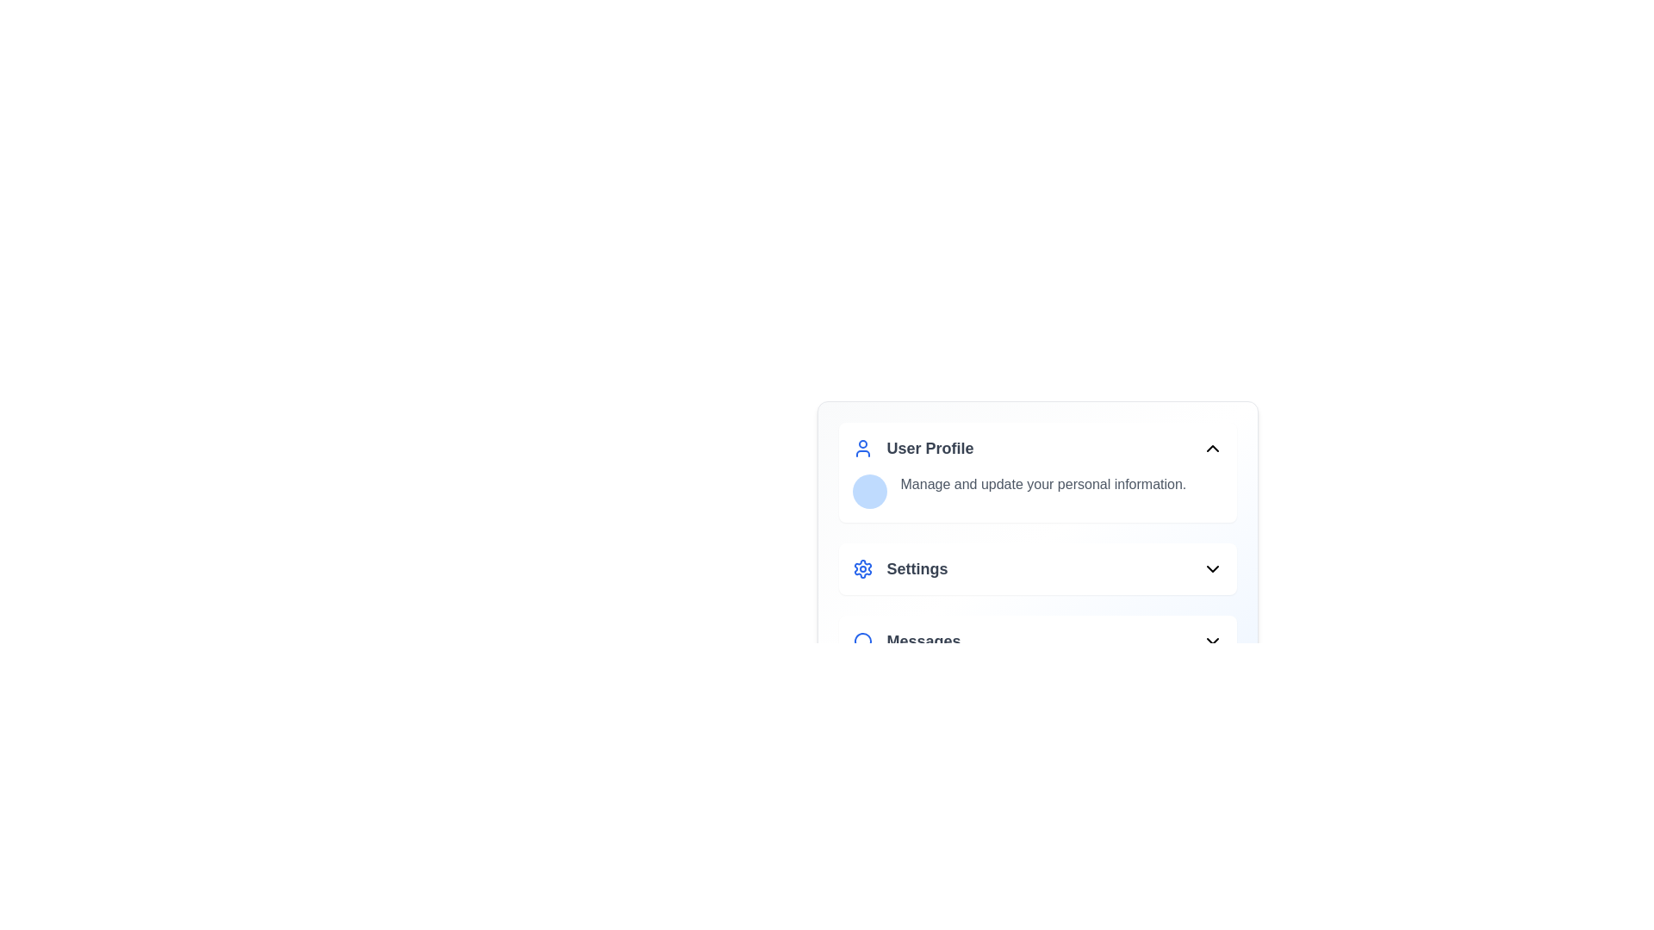 The width and height of the screenshot is (1654, 930). What do you see at coordinates (1211, 641) in the screenshot?
I see `the downward chevron icon` at bounding box center [1211, 641].